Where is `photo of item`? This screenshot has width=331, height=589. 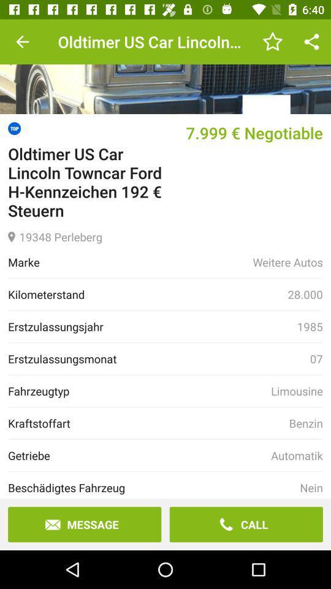 photo of item is located at coordinates (165, 66).